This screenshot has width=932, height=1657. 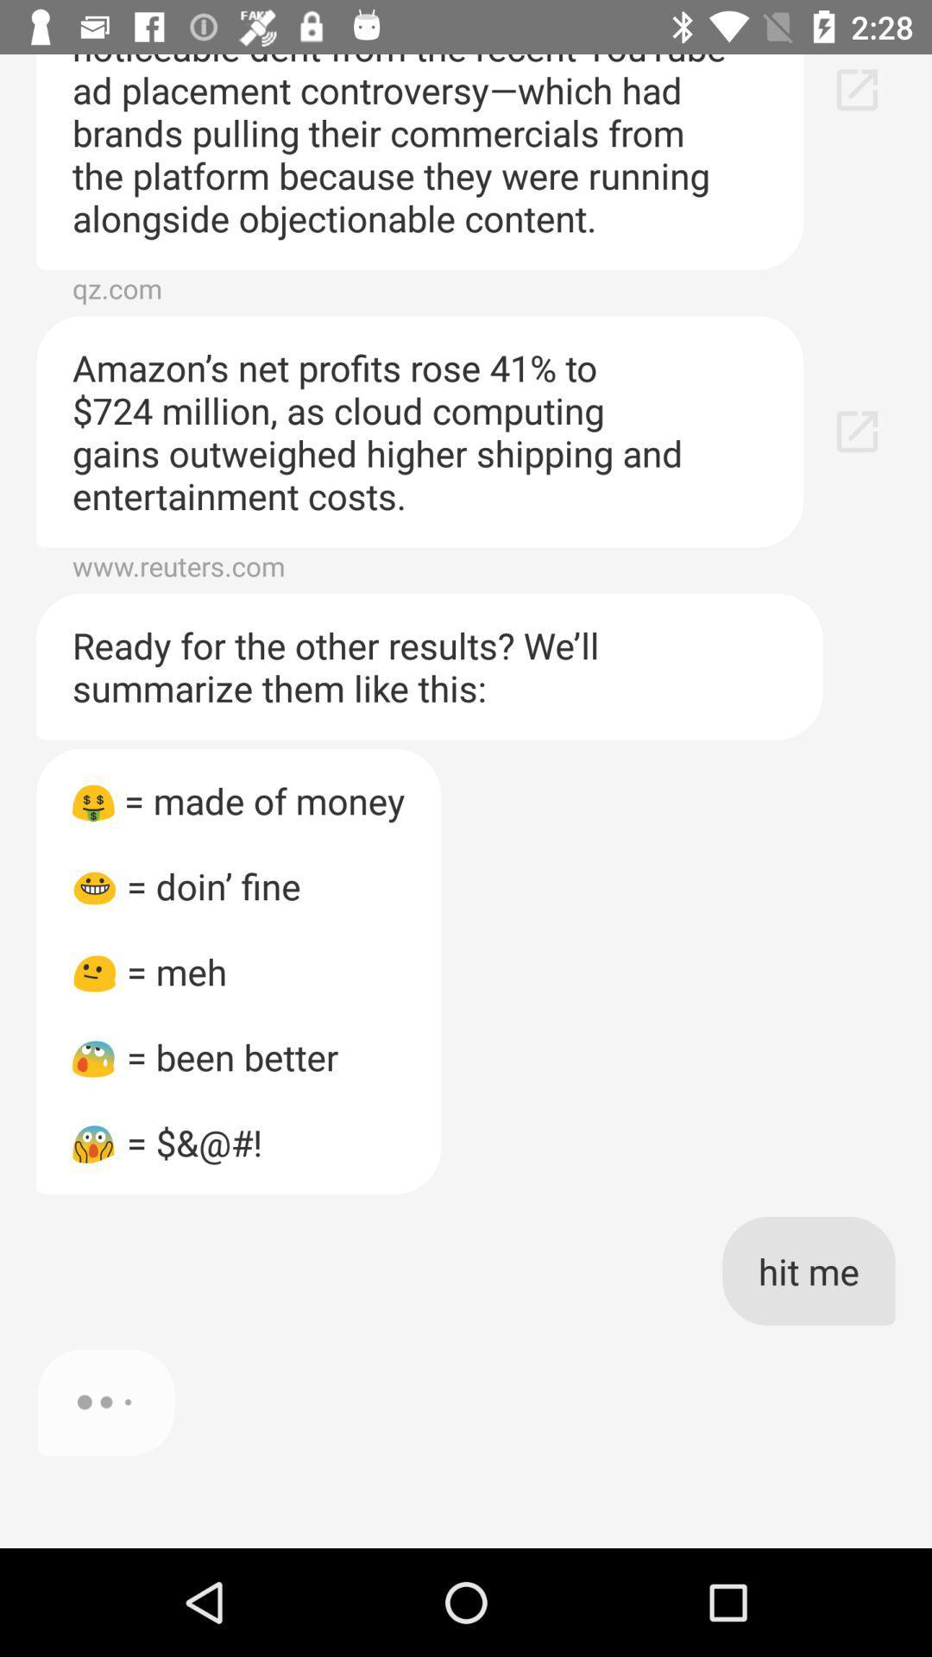 What do you see at coordinates (419, 161) in the screenshot?
I see `the item above qz.com` at bounding box center [419, 161].